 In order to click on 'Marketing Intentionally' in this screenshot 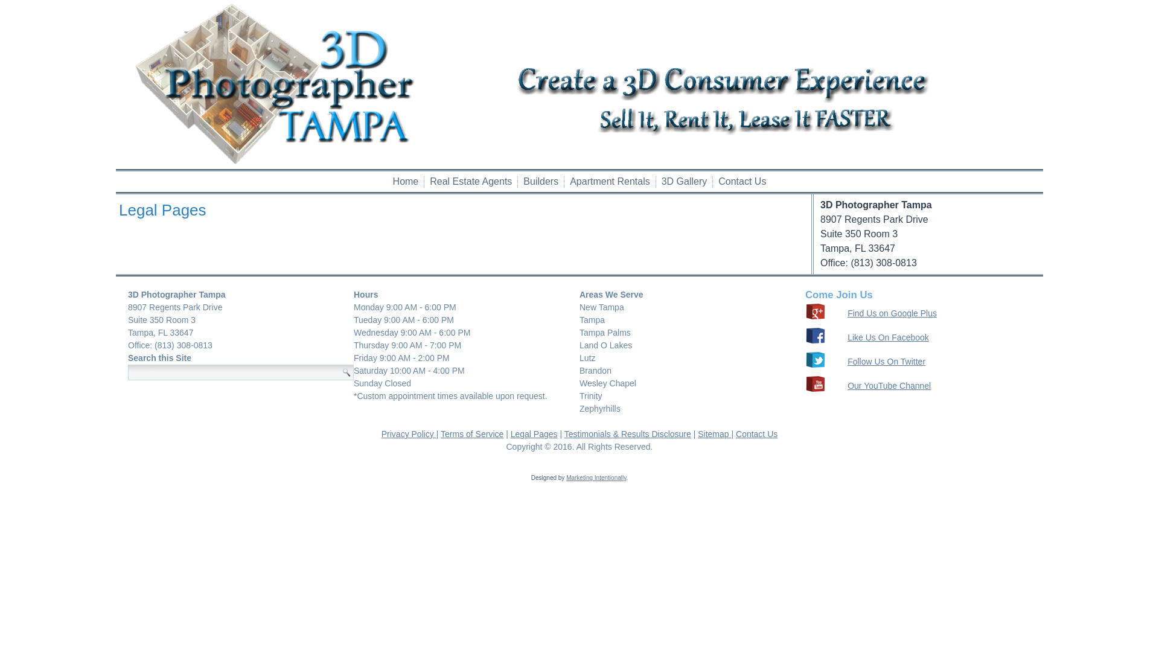, I will do `click(565, 477)`.